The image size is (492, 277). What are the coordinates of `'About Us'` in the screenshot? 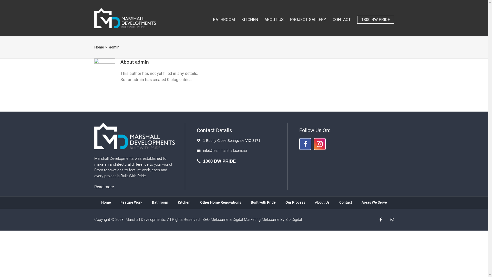 It's located at (322, 202).